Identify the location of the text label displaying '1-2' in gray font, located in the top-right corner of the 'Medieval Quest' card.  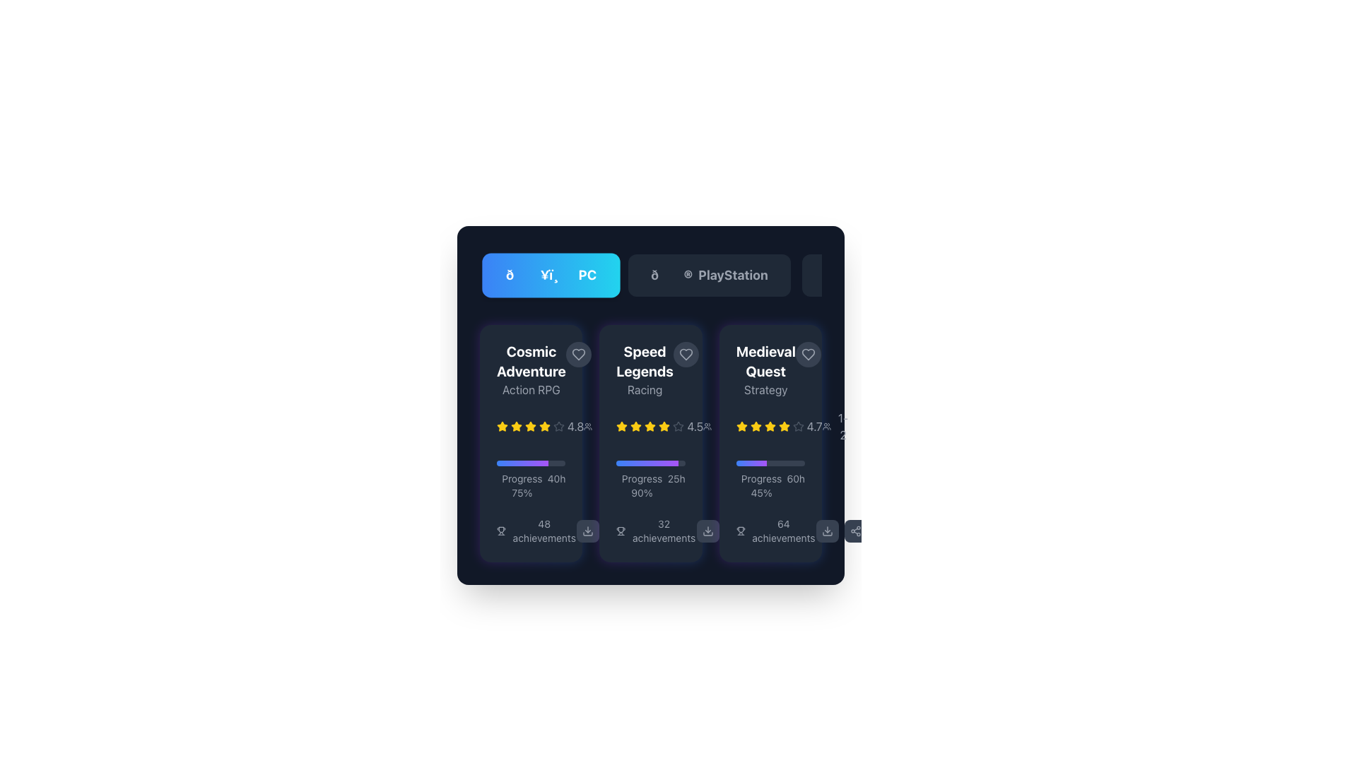
(835, 426).